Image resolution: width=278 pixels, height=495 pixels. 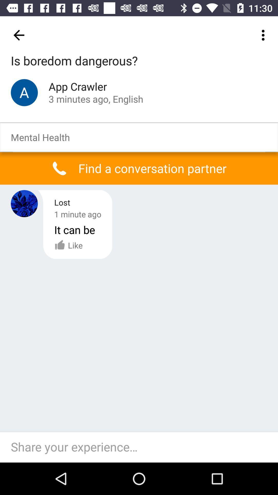 What do you see at coordinates (142, 447) in the screenshot?
I see `text box which says share your experience` at bounding box center [142, 447].